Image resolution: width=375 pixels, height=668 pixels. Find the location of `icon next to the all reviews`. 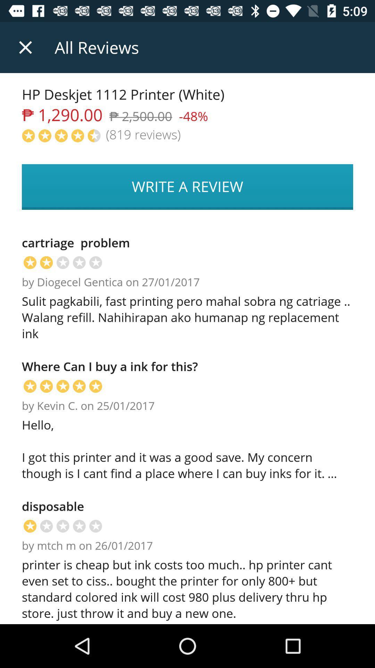

icon next to the all reviews is located at coordinates (25, 47).